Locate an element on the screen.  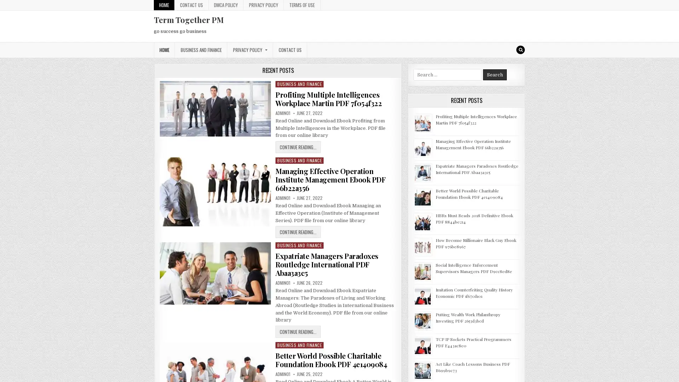
Search is located at coordinates (494, 75).